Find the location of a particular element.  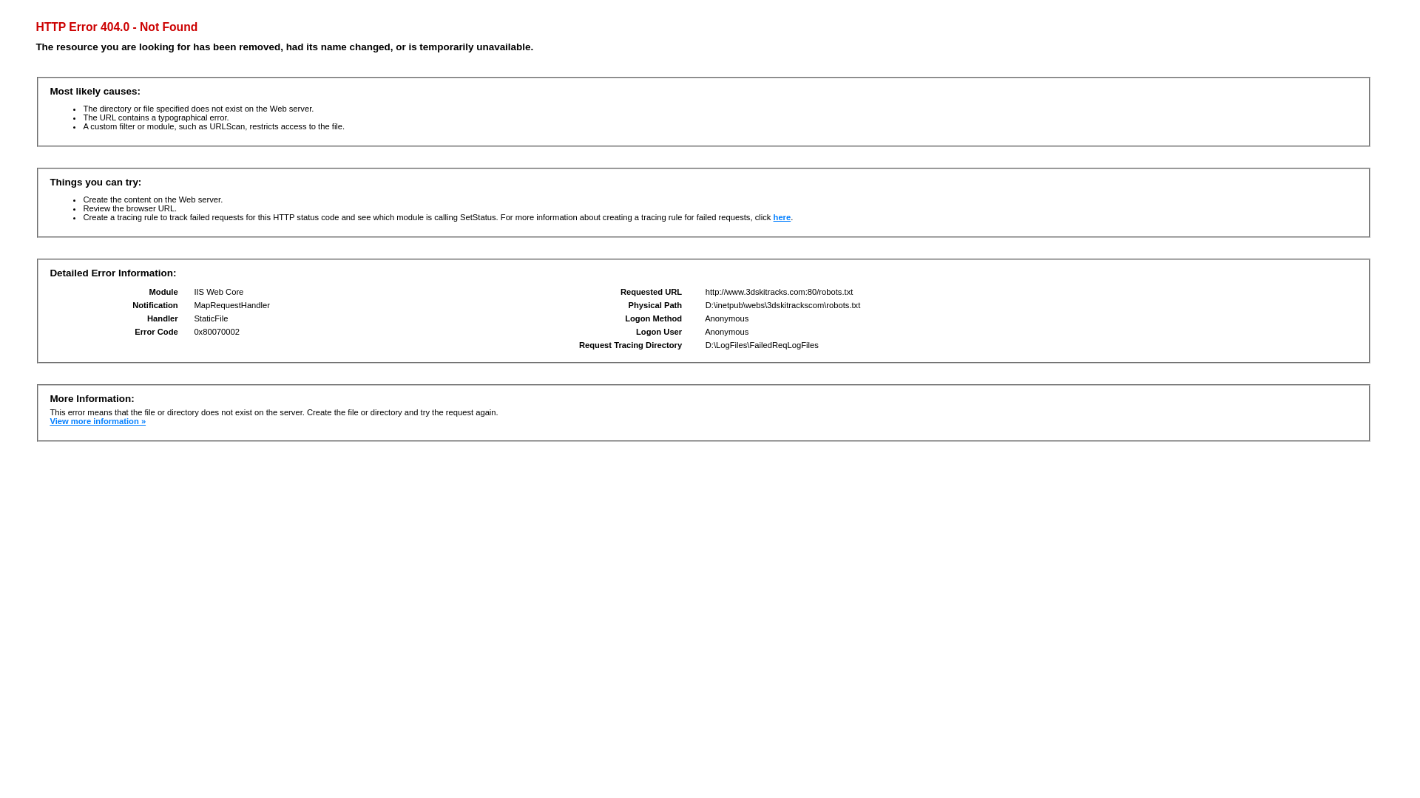

'here' is located at coordinates (781, 216).